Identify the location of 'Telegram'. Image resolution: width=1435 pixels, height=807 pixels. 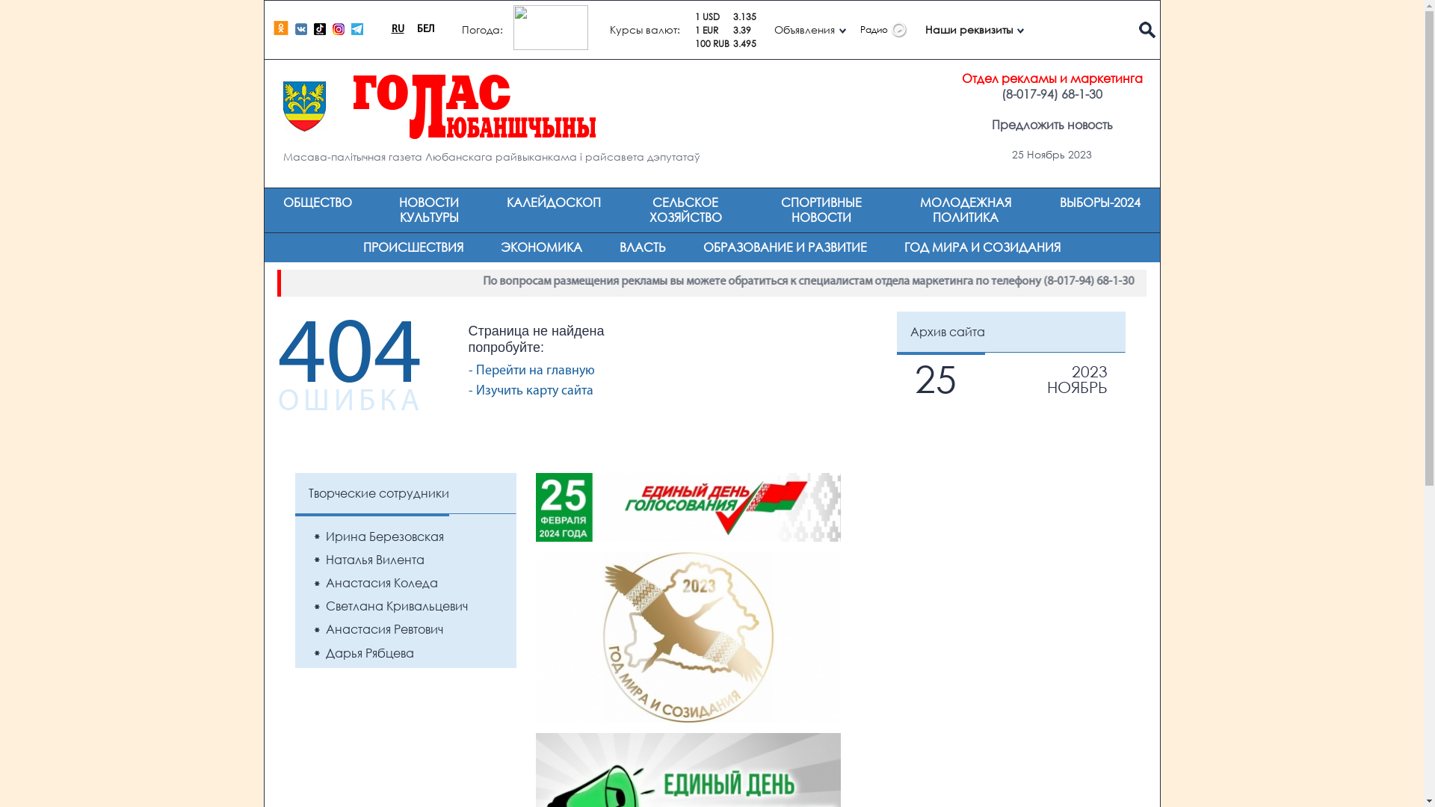
(351, 32).